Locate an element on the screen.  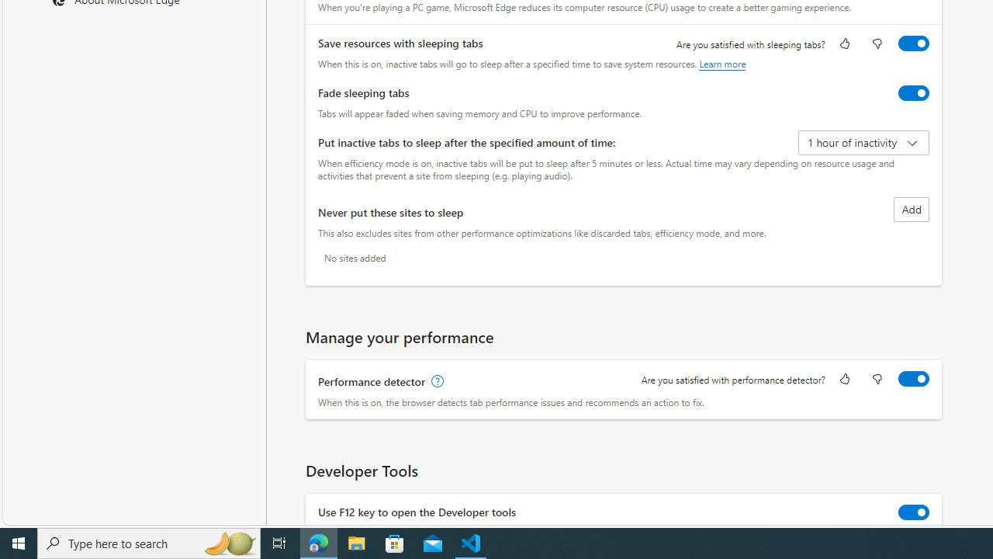
'Performance detector, learn more' is located at coordinates (435, 382).